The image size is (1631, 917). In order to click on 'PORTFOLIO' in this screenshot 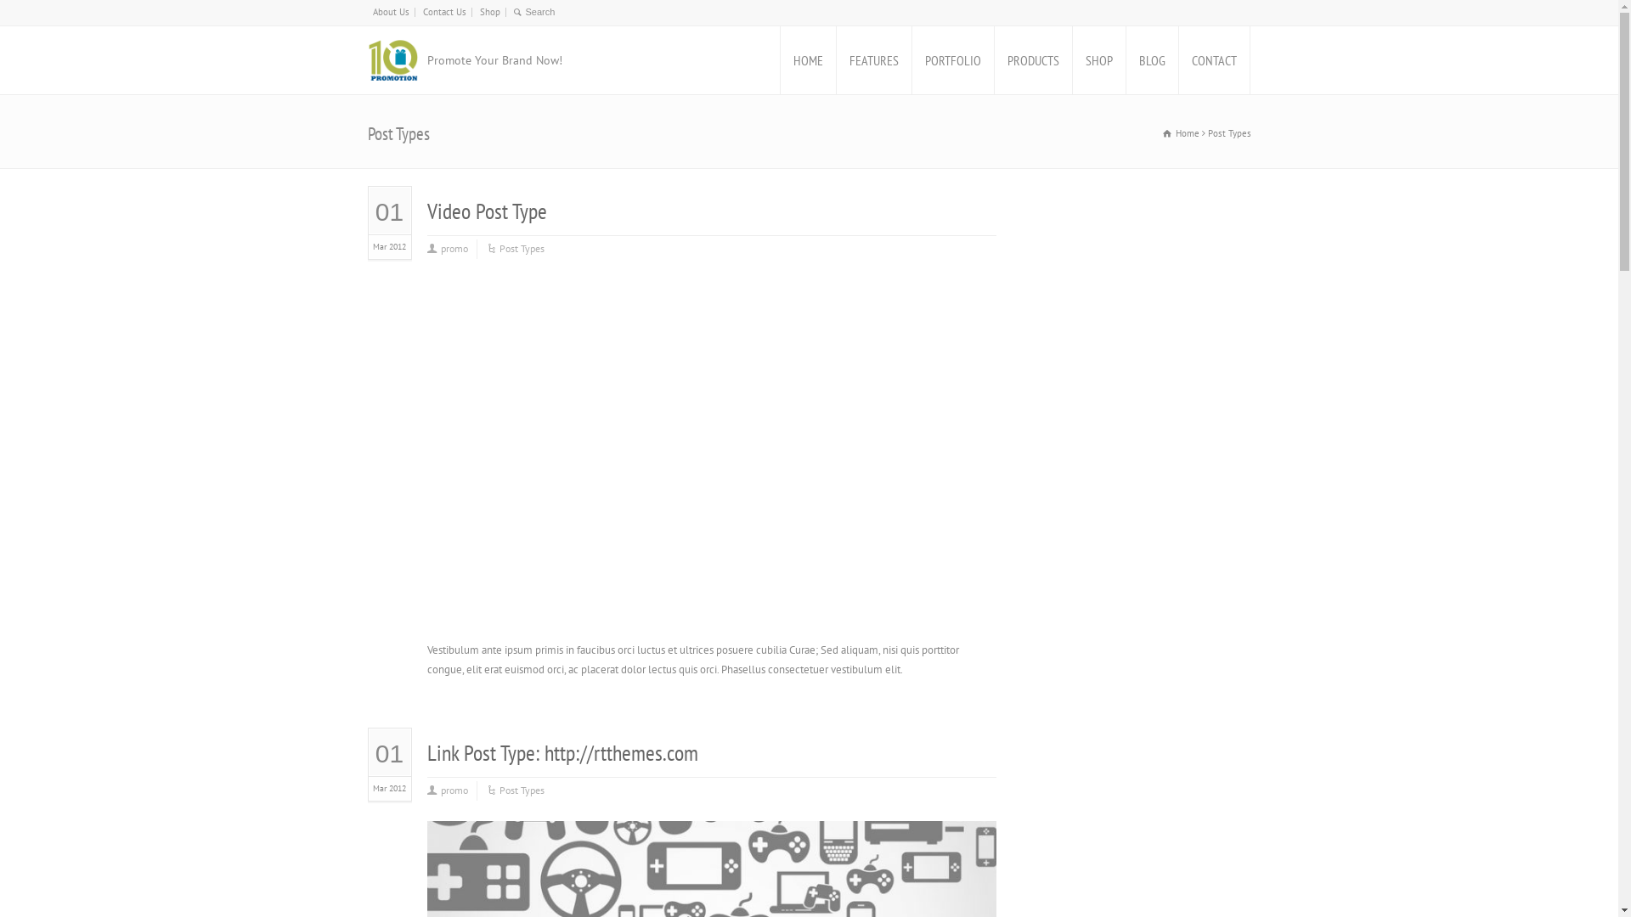, I will do `click(953, 59)`.